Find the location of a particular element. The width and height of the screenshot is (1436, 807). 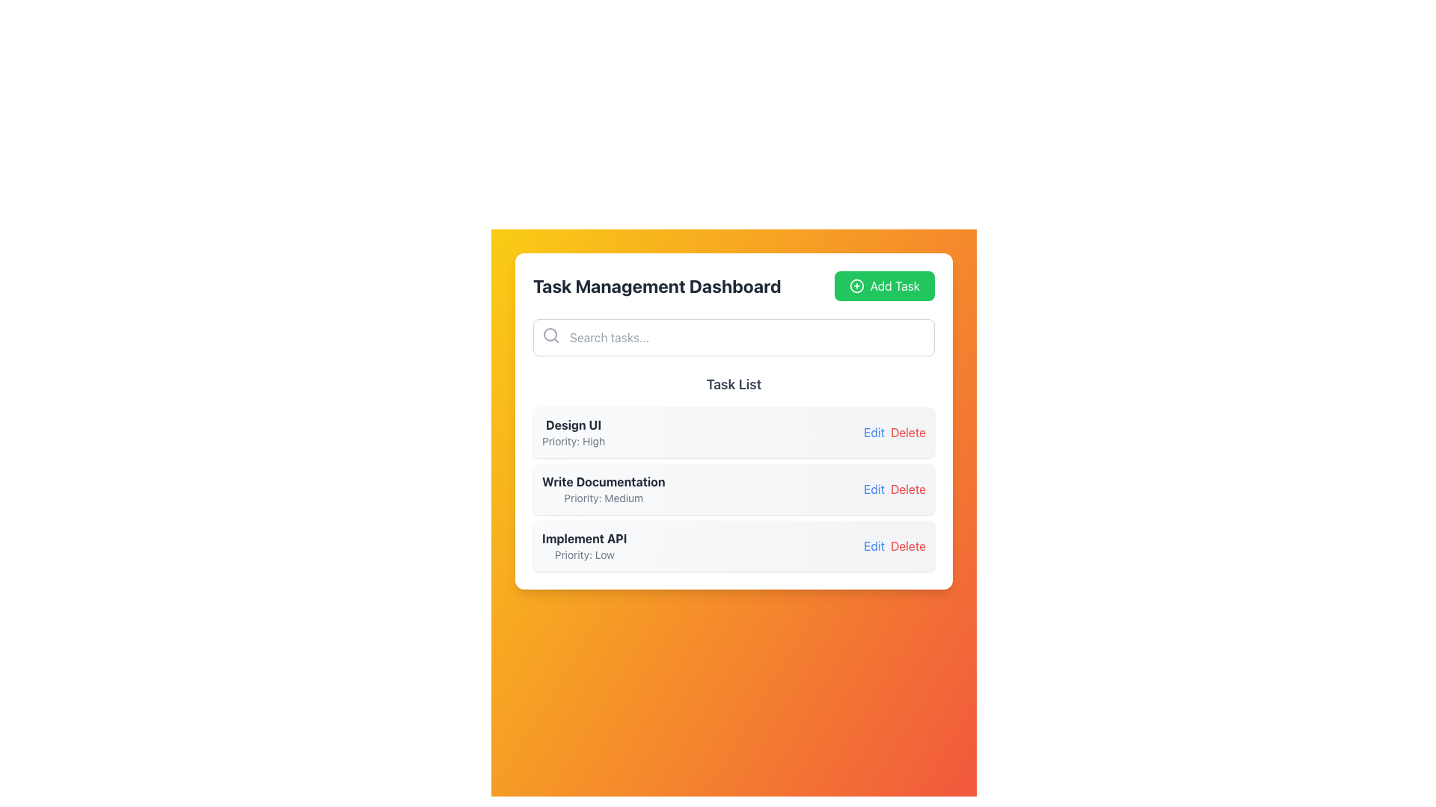

the 'Delete' Interactive Text Link for the task 'Implement API' is located at coordinates (907, 546).